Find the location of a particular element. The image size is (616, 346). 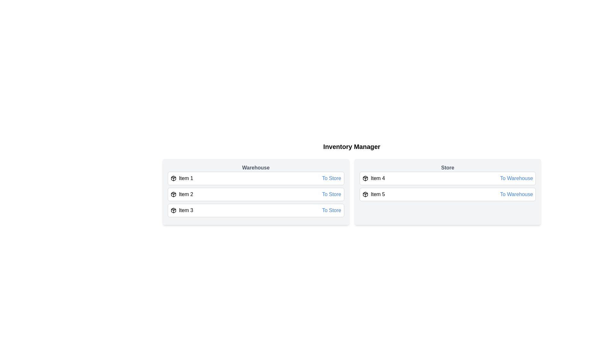

the button to transfer Item 1 from Warehouse to <destination> is located at coordinates (331, 178).